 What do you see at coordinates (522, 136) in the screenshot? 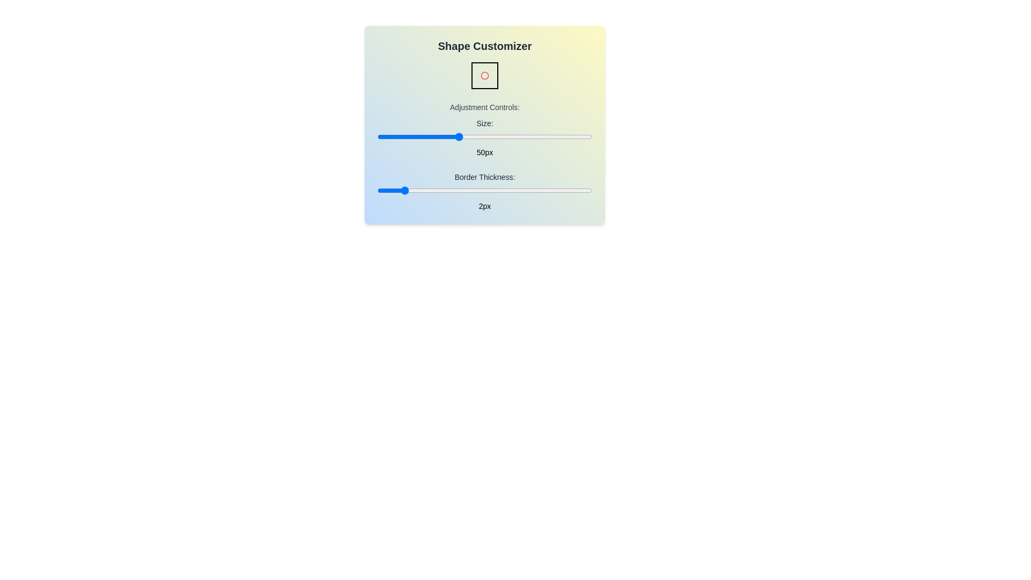
I see `the 'Size' slider to set the size to 74 pixels` at bounding box center [522, 136].